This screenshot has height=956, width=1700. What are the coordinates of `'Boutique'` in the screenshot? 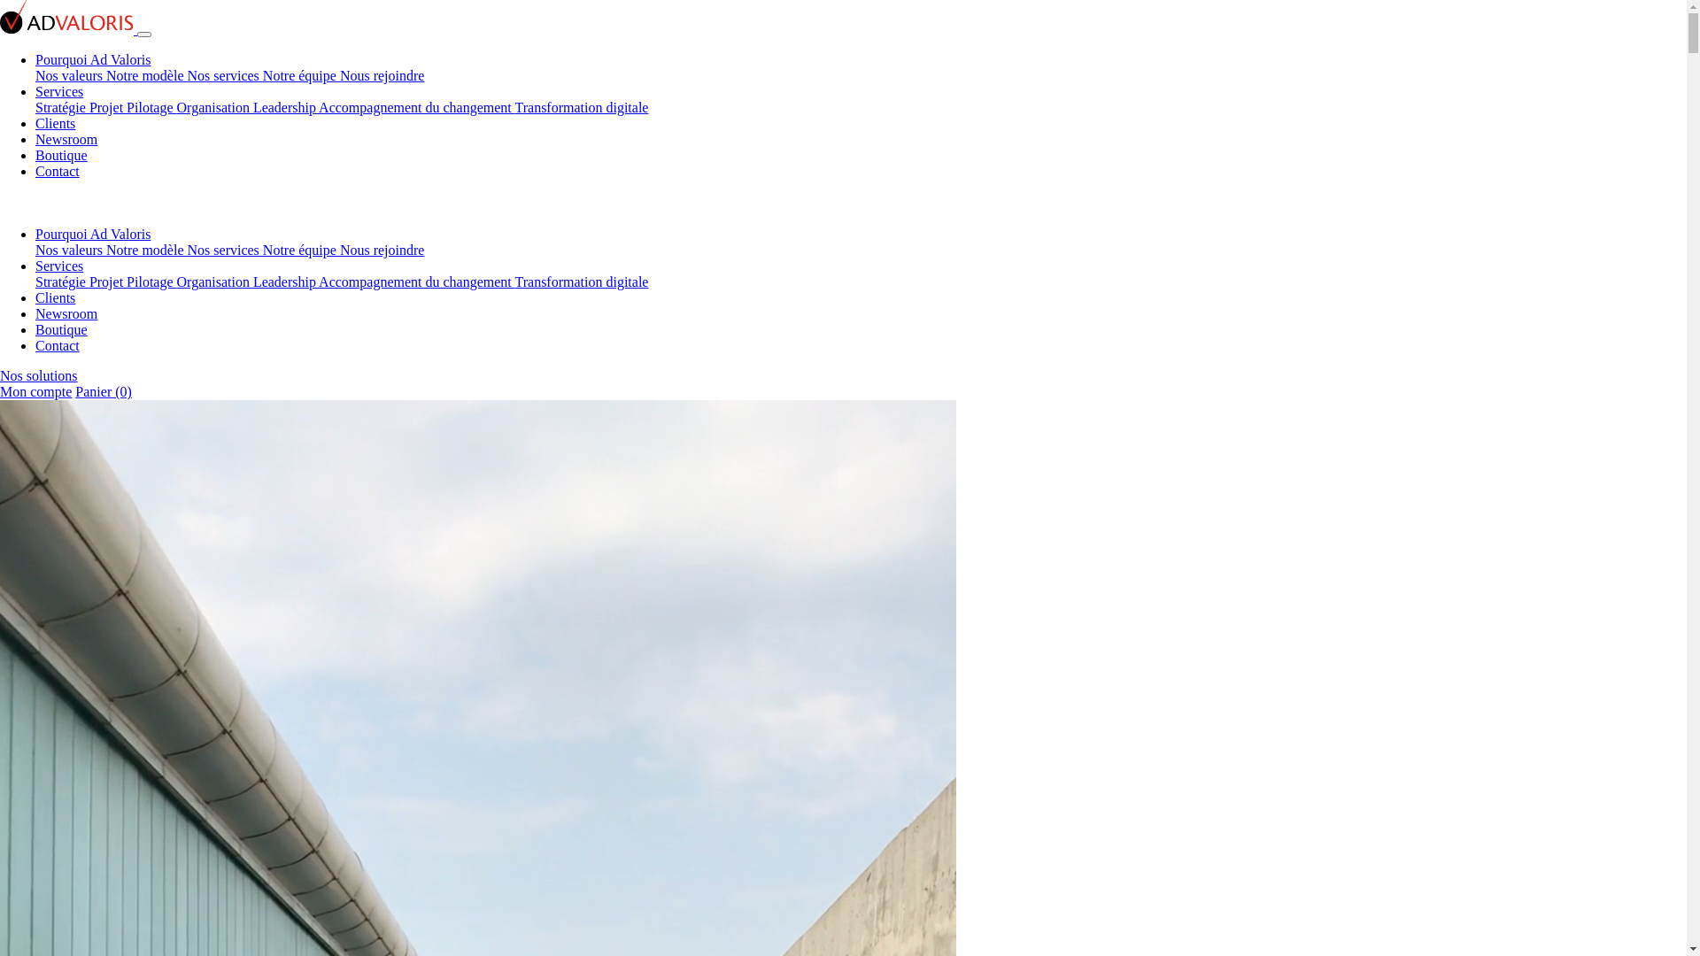 It's located at (35, 329).